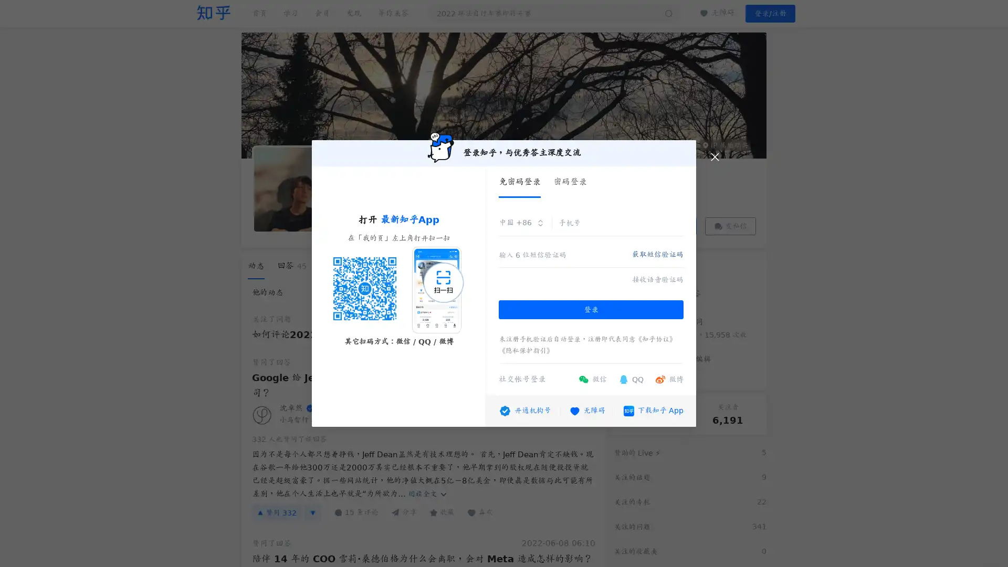 This screenshot has width=1008, height=567. What do you see at coordinates (653, 410) in the screenshot?
I see `App` at bounding box center [653, 410].